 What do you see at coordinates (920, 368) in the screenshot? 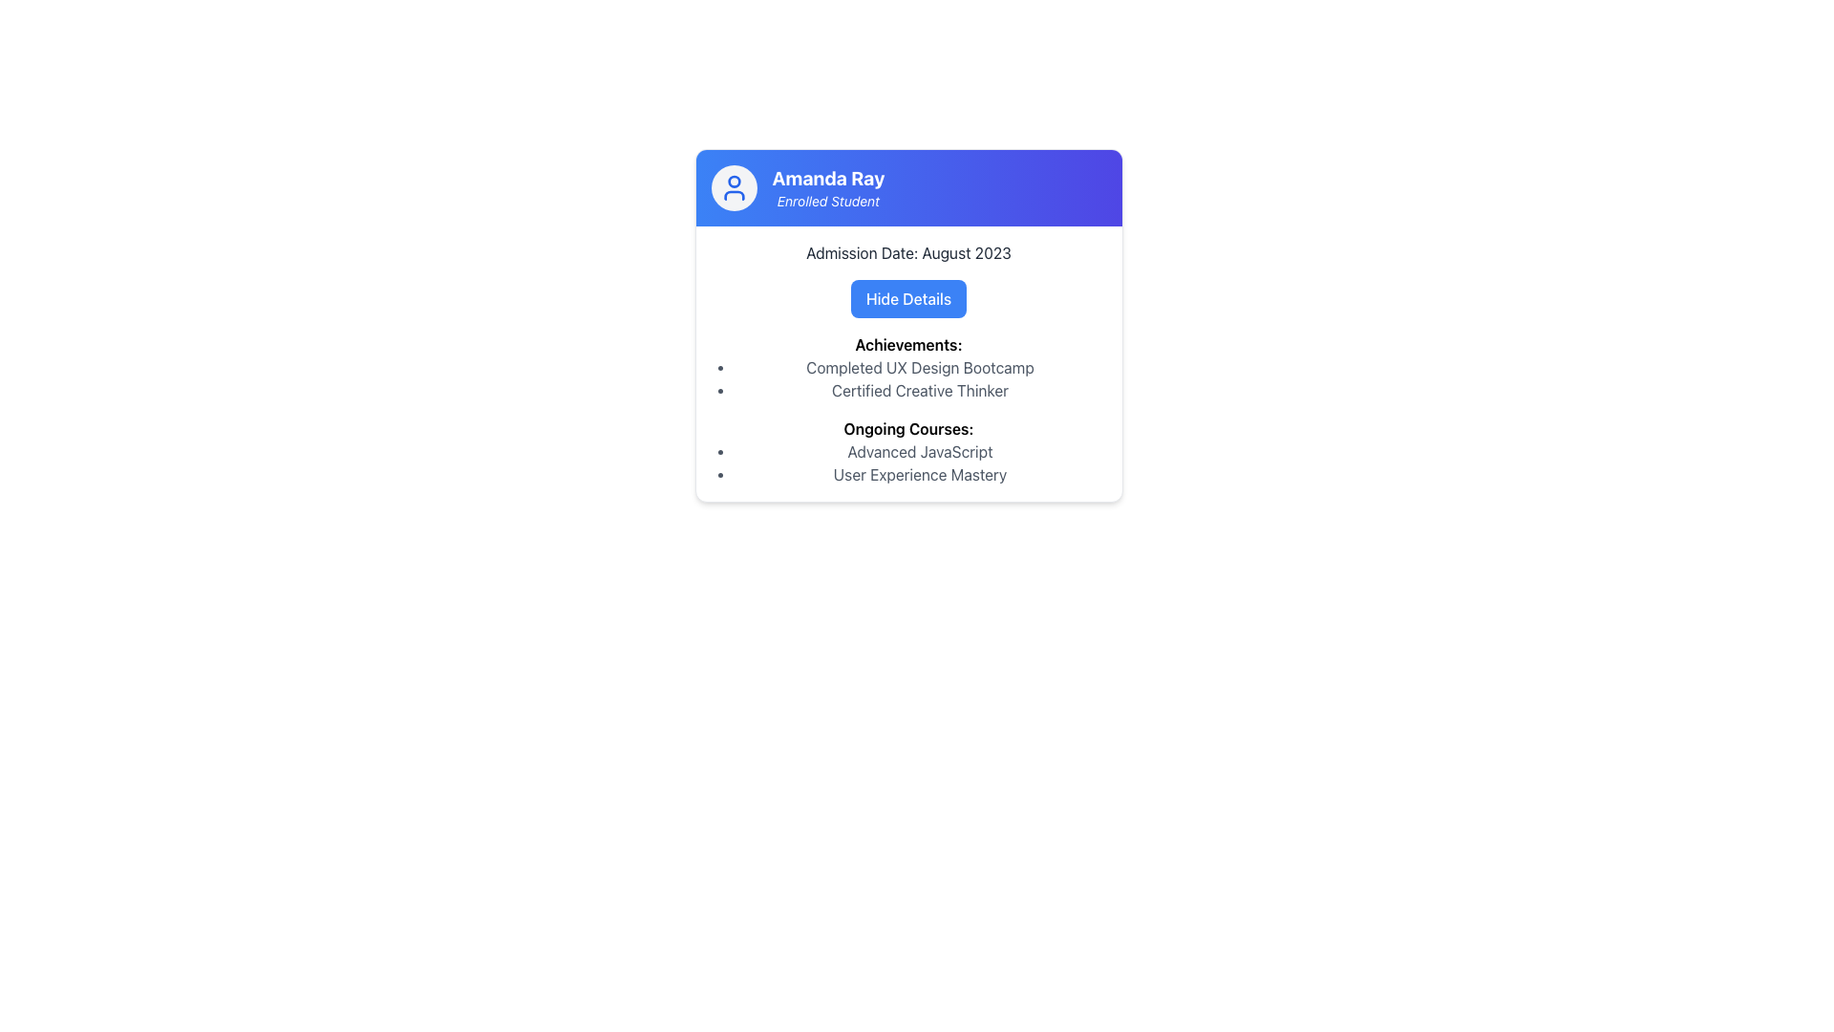
I see `the informational text that indicates the completion of a UX Design bootcamp, which is the first item in the bulleted list under the 'Achievements:' section` at bounding box center [920, 368].